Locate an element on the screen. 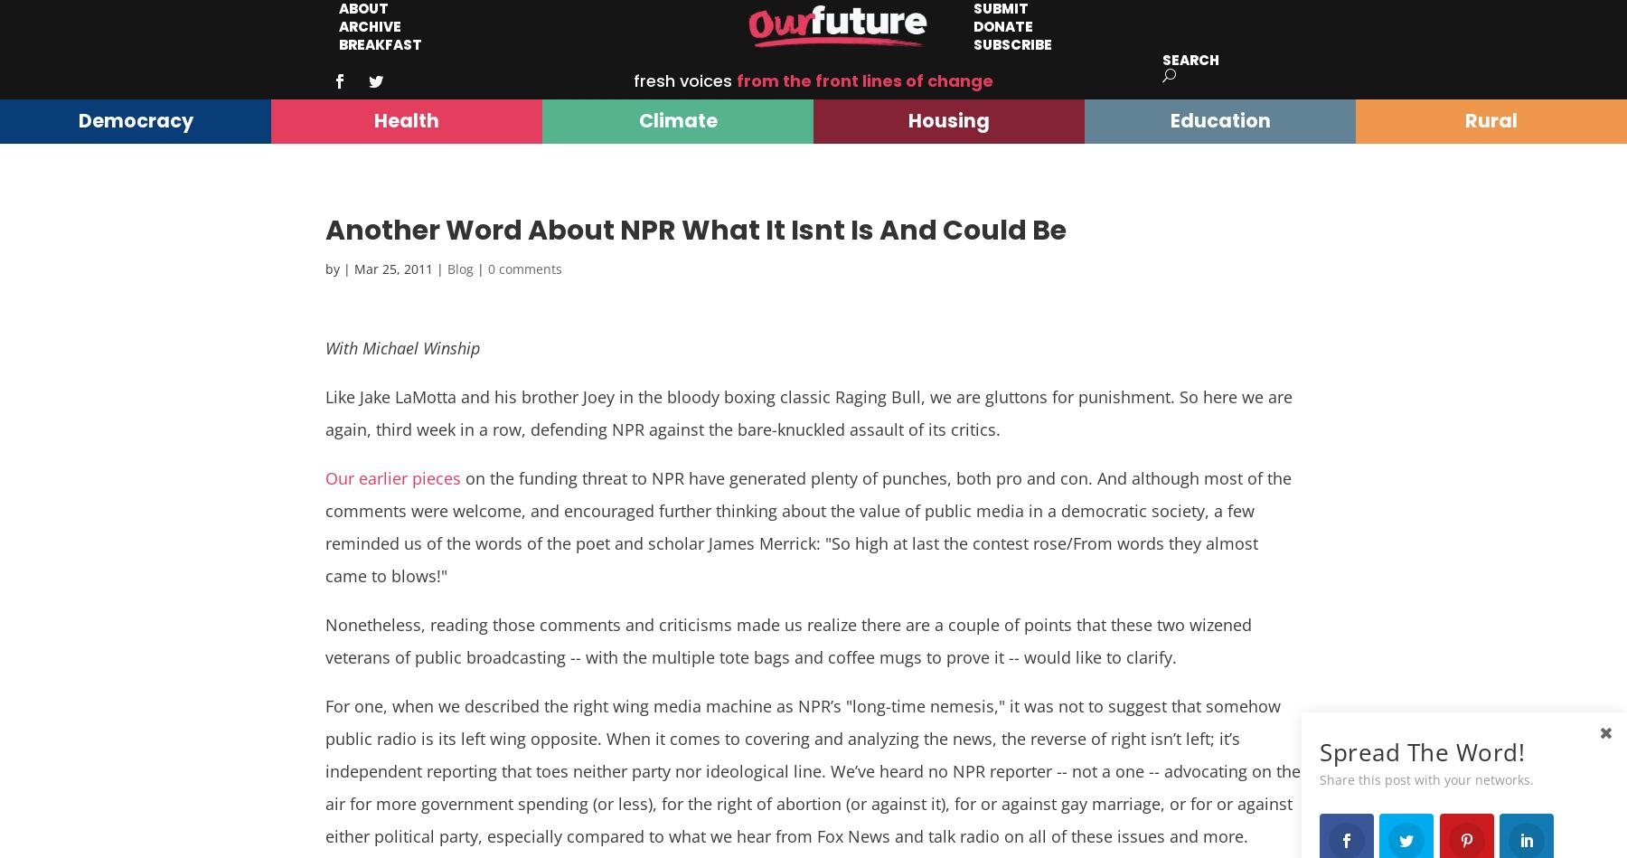  'Like Jake LaMotta and his brother Joey in the bloody boxing classic Raging Bull, we are gluttons for punishment. So here we are again, third week in a row, defending NPR against the bare-knuckled assault of its critics.' is located at coordinates (808, 413).